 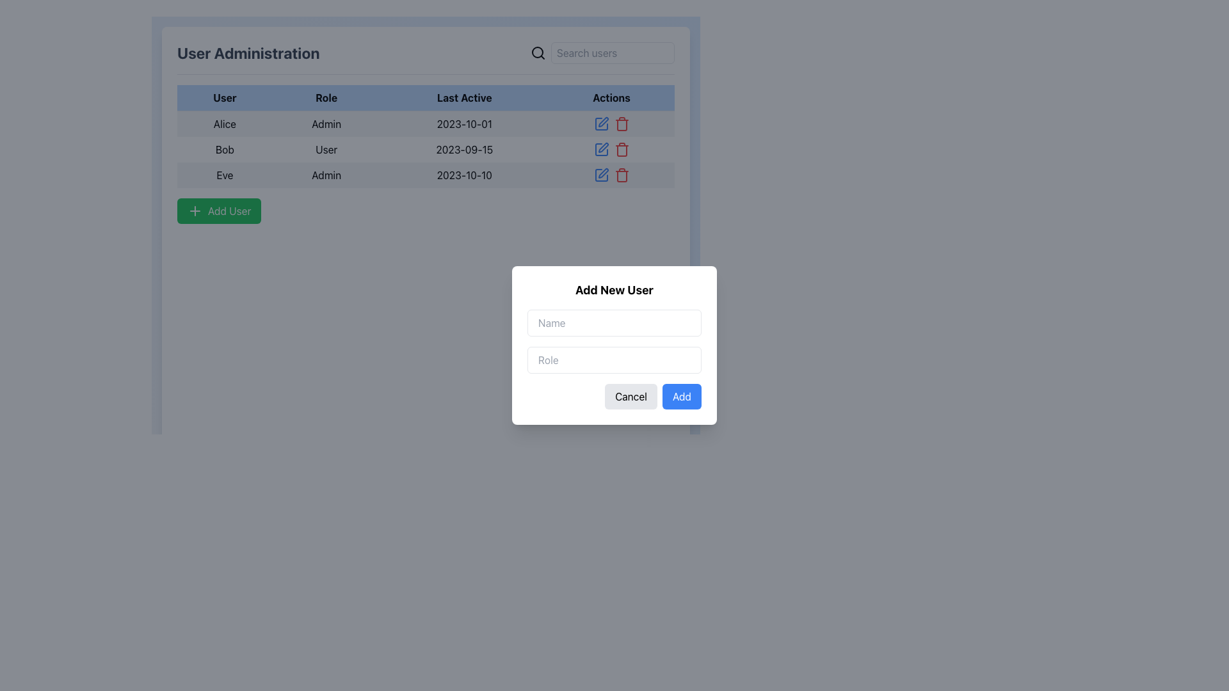 I want to click on static text element displaying the user's name 'Eve' located in the first column of the third row of the user information table, so click(x=225, y=175).